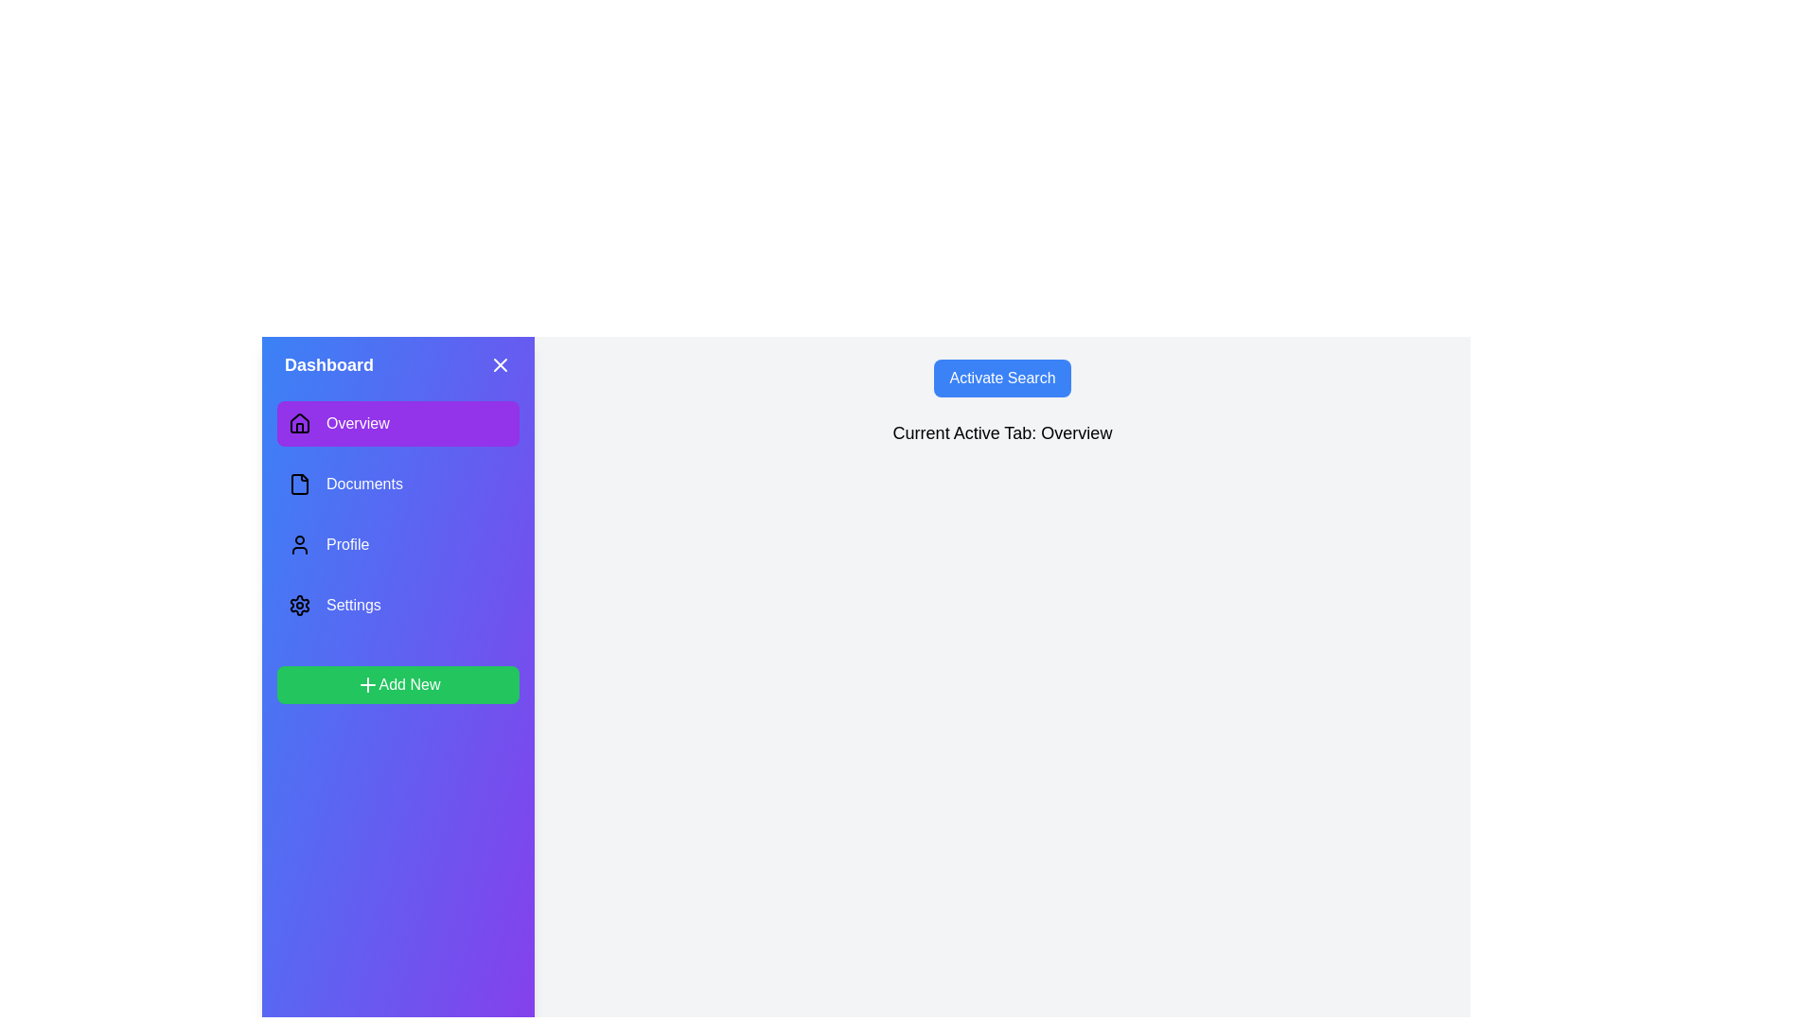  I want to click on the Overview icon located in the vertical navigation menu on the left side of the interface, which is the first element above the text 'Overview', so click(298, 422).